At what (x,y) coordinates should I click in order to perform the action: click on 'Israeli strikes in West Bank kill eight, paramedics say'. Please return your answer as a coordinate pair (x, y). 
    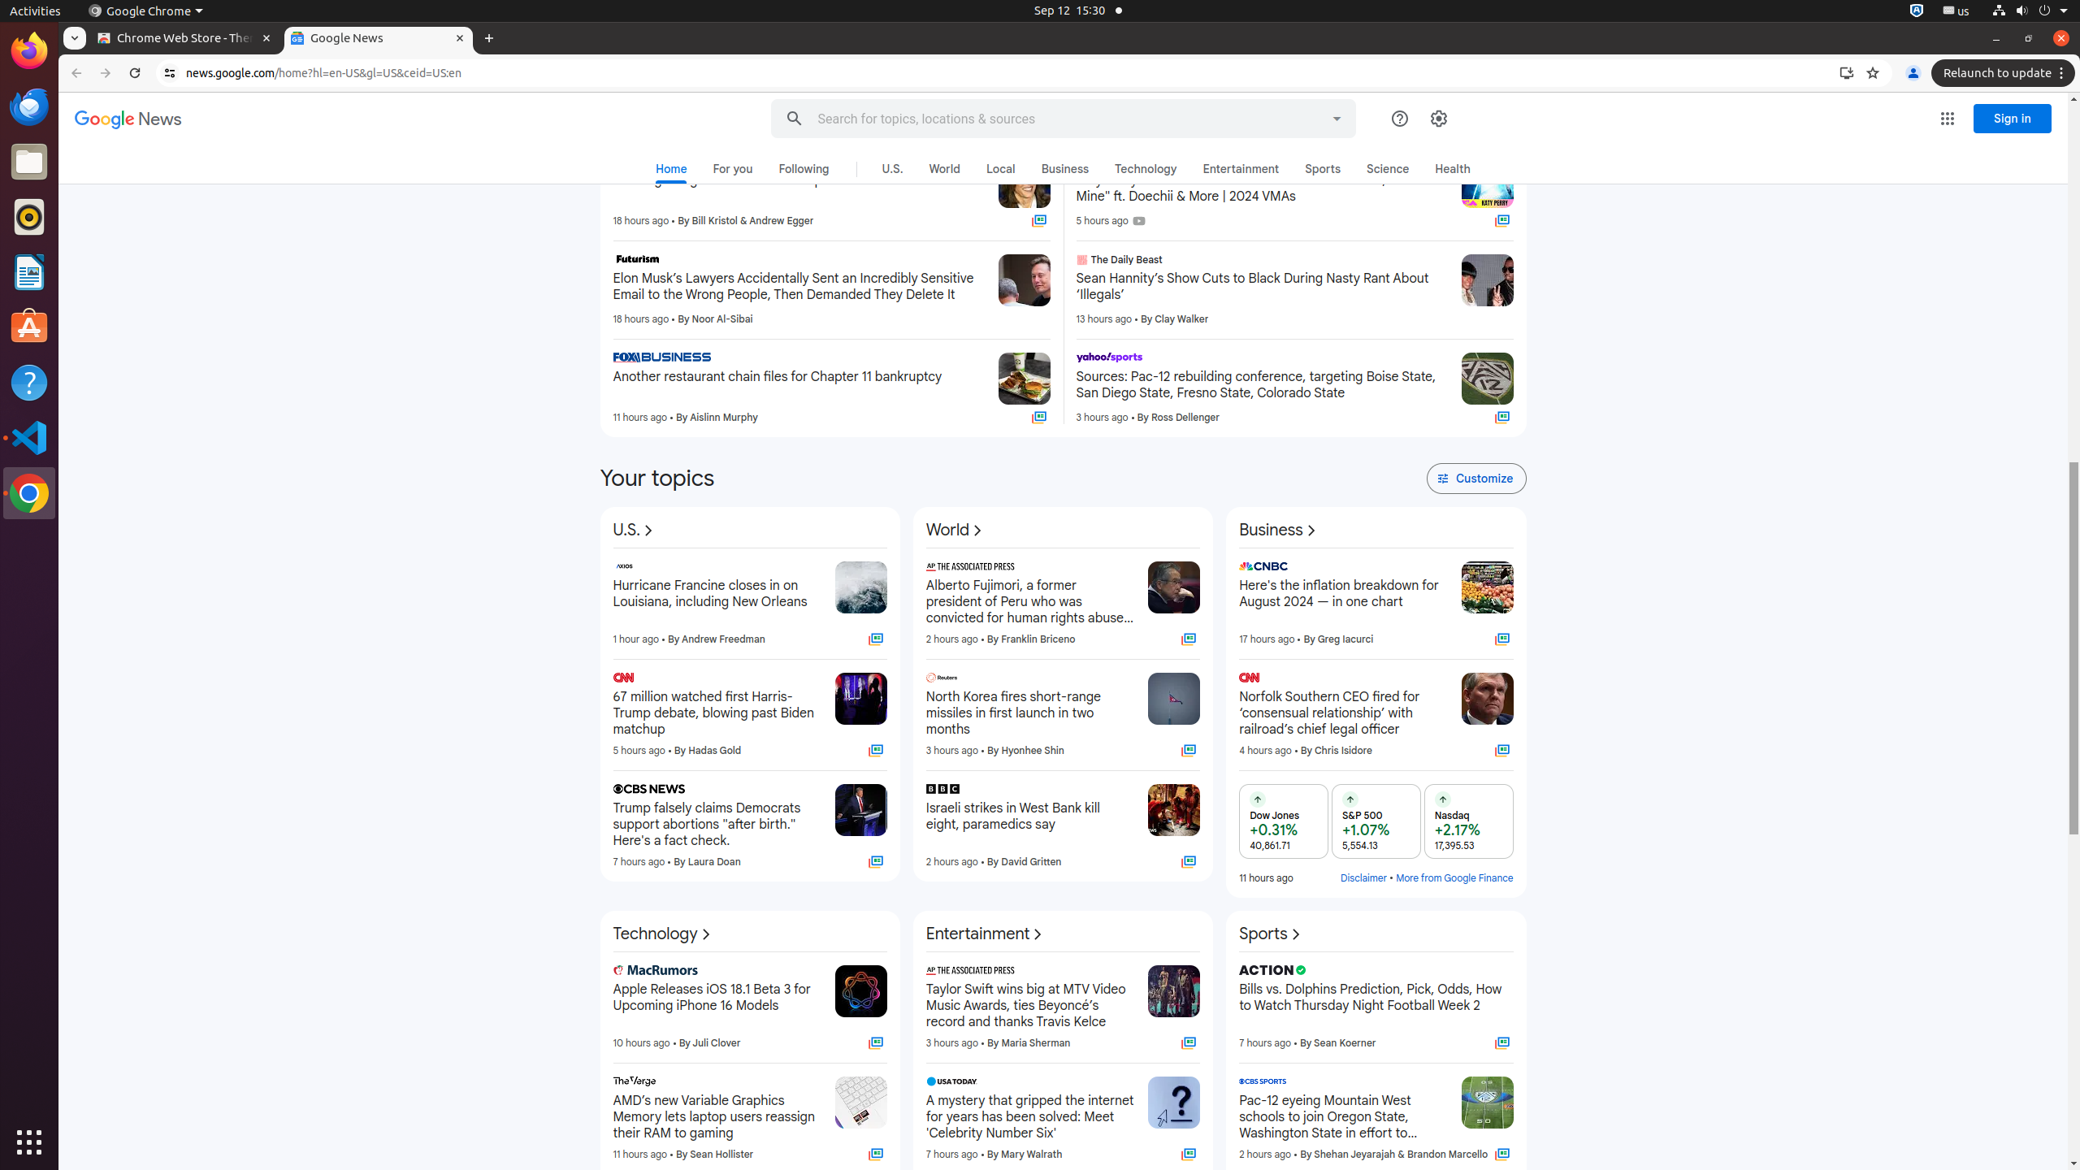
    Looking at the image, I should click on (1029, 824).